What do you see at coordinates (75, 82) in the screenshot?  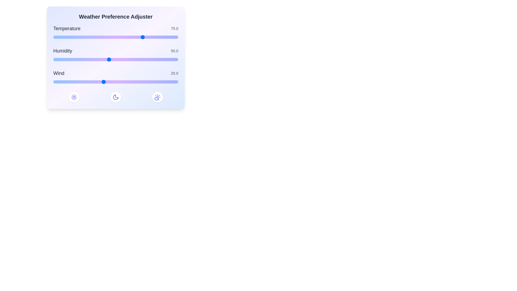 I see `wind value` at bounding box center [75, 82].